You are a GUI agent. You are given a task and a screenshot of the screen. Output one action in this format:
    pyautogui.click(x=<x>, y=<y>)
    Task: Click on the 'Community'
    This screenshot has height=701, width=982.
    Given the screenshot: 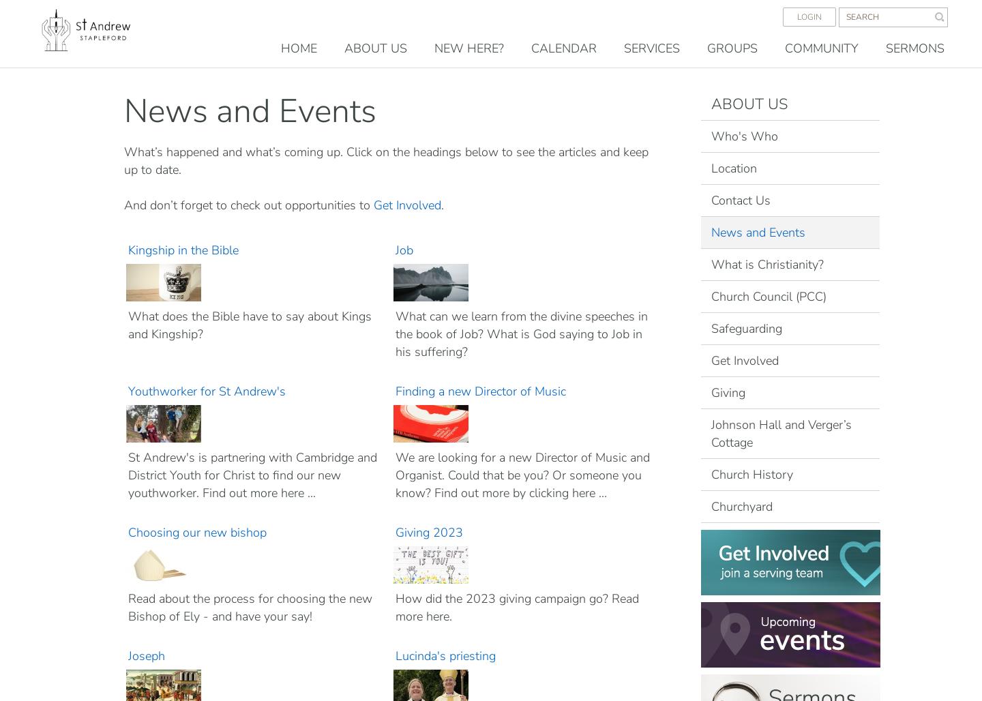 What is the action you would take?
    pyautogui.click(x=820, y=48)
    